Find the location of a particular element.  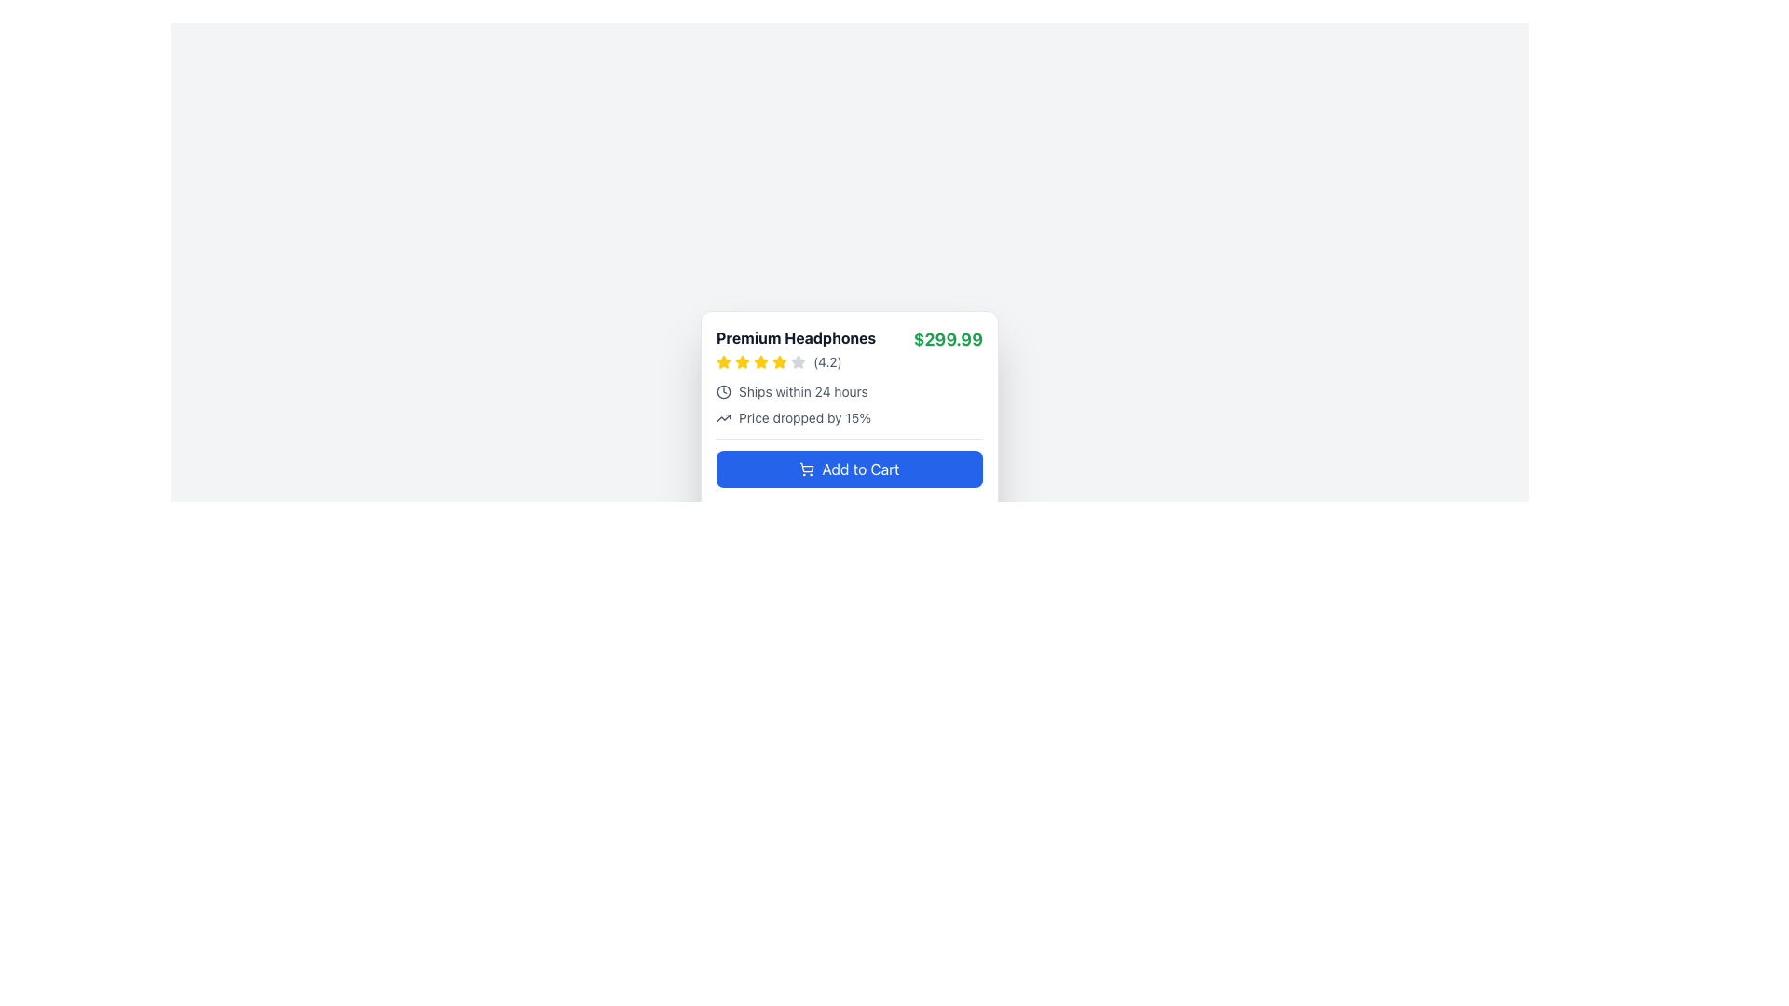

the star-based rating display located directly under the title 'Premium Headphones' to inspect further is located at coordinates (796, 362).